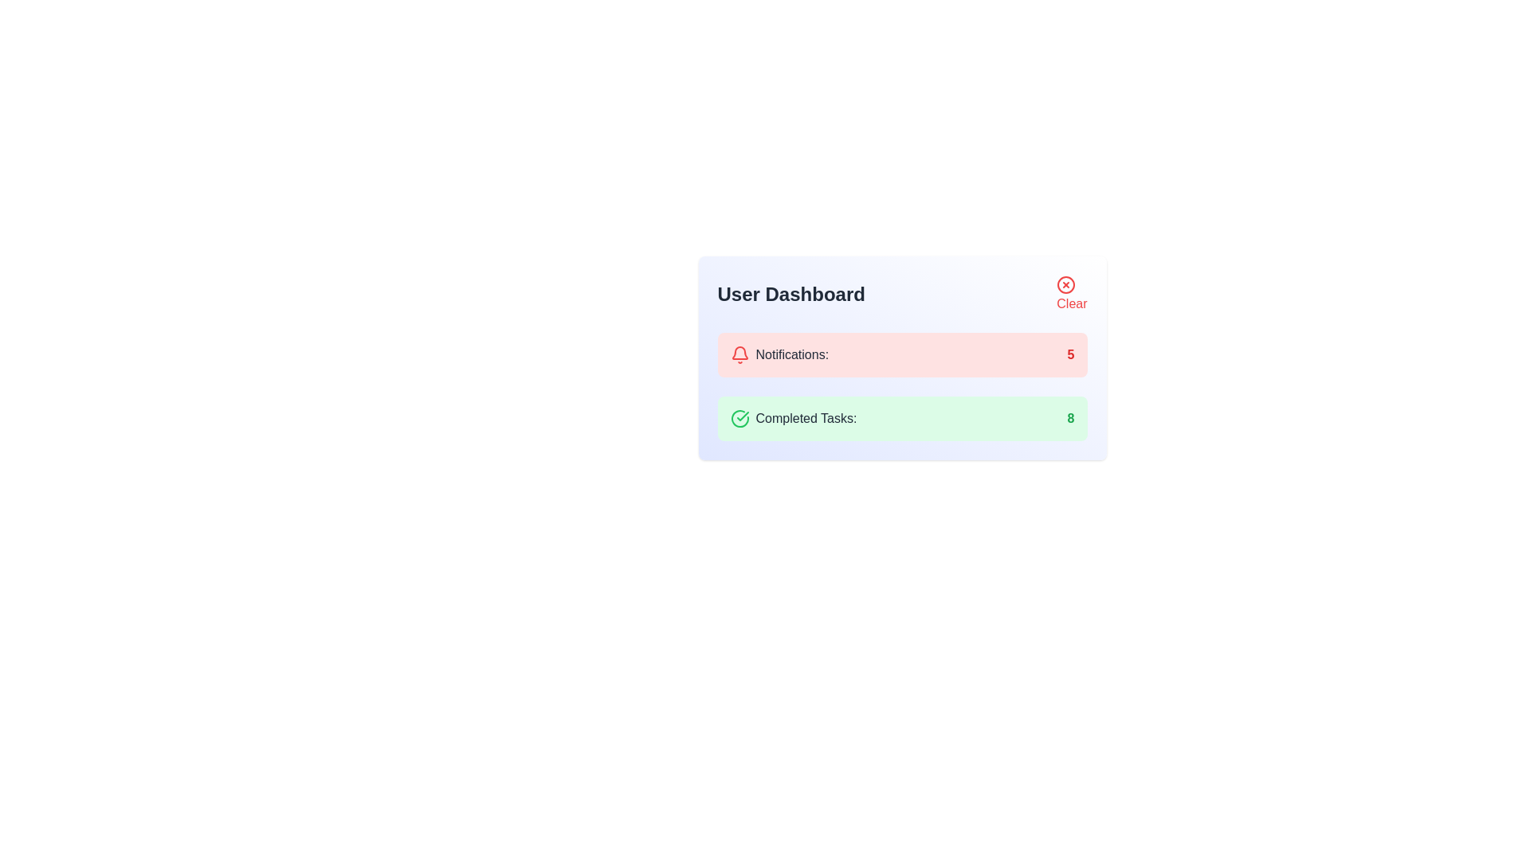  Describe the element at coordinates (1066, 284) in the screenshot. I see `the circular frame icon located at the top-right corner of the User Dashboard section, which likely represents a close or dismiss action` at that location.